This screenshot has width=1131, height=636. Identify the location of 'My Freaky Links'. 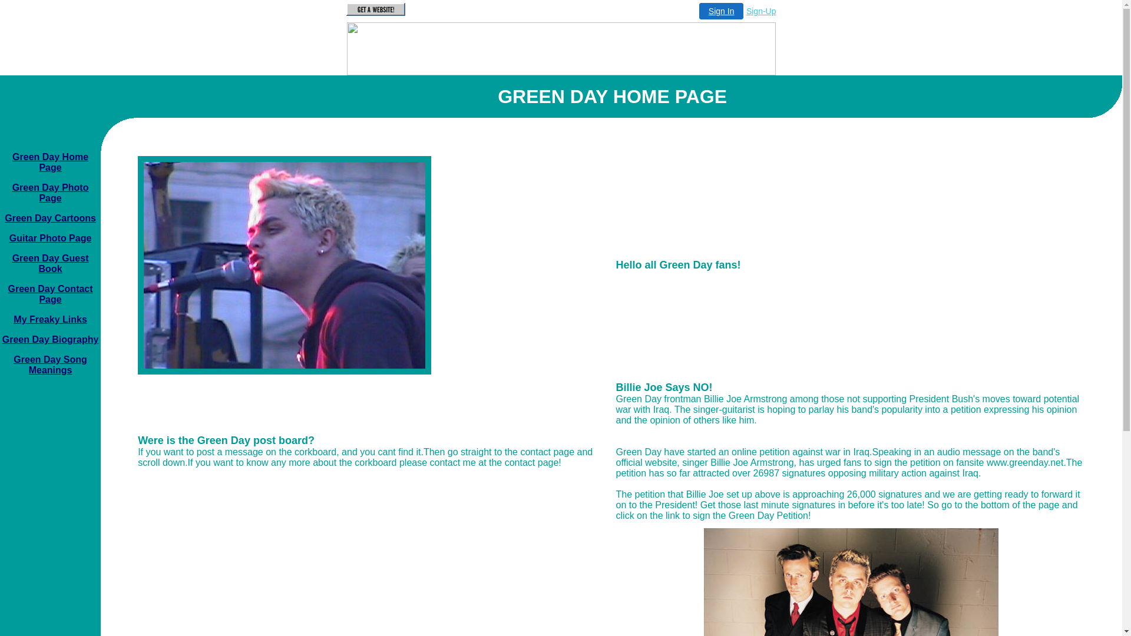
(49, 319).